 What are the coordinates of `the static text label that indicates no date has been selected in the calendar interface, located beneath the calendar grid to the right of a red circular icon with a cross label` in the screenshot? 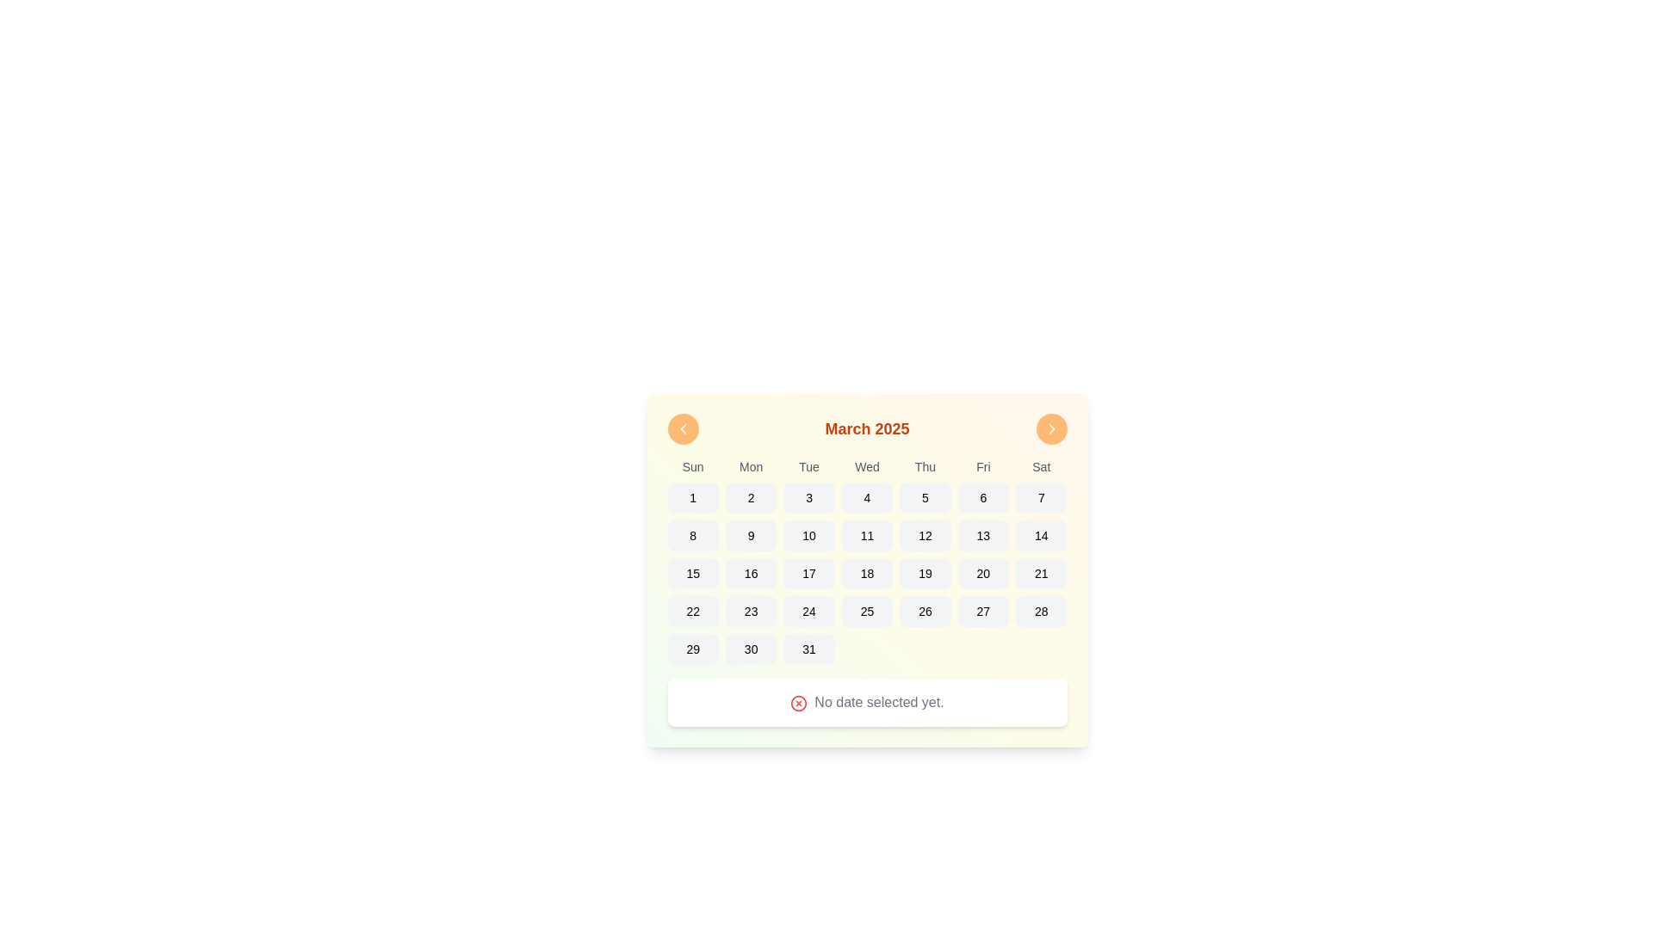 It's located at (879, 702).